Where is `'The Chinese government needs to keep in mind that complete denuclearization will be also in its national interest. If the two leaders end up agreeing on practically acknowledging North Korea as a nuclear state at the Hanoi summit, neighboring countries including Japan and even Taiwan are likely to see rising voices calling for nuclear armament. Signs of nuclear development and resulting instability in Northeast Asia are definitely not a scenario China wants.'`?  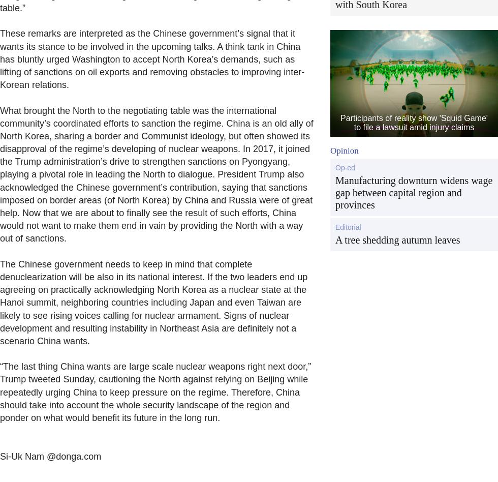
'The Chinese government needs to keep in mind that complete denuclearization will be also in its national interest. If the two leaders end up agreeing on practically acknowledging North Korea as a nuclear state at the Hanoi summit, neighboring countries including Japan and even Taiwan are likely to see rising voices calling for nuclear armament. Signs of nuclear development and resulting instability in Northeast Asia are definitely not a scenario China wants.' is located at coordinates (153, 302).